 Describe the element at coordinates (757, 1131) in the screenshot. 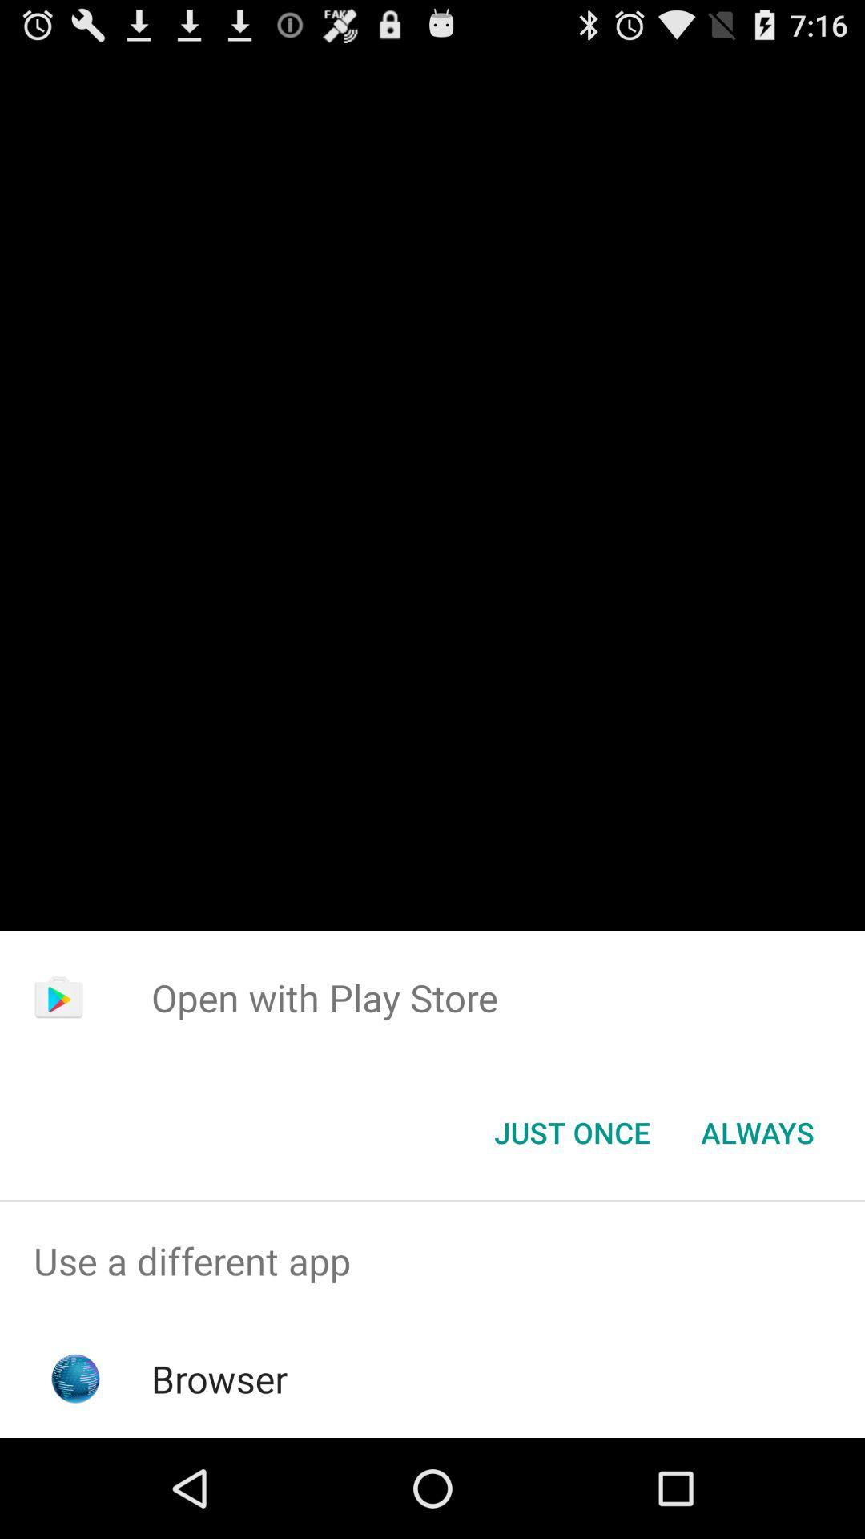

I see `the always button` at that location.